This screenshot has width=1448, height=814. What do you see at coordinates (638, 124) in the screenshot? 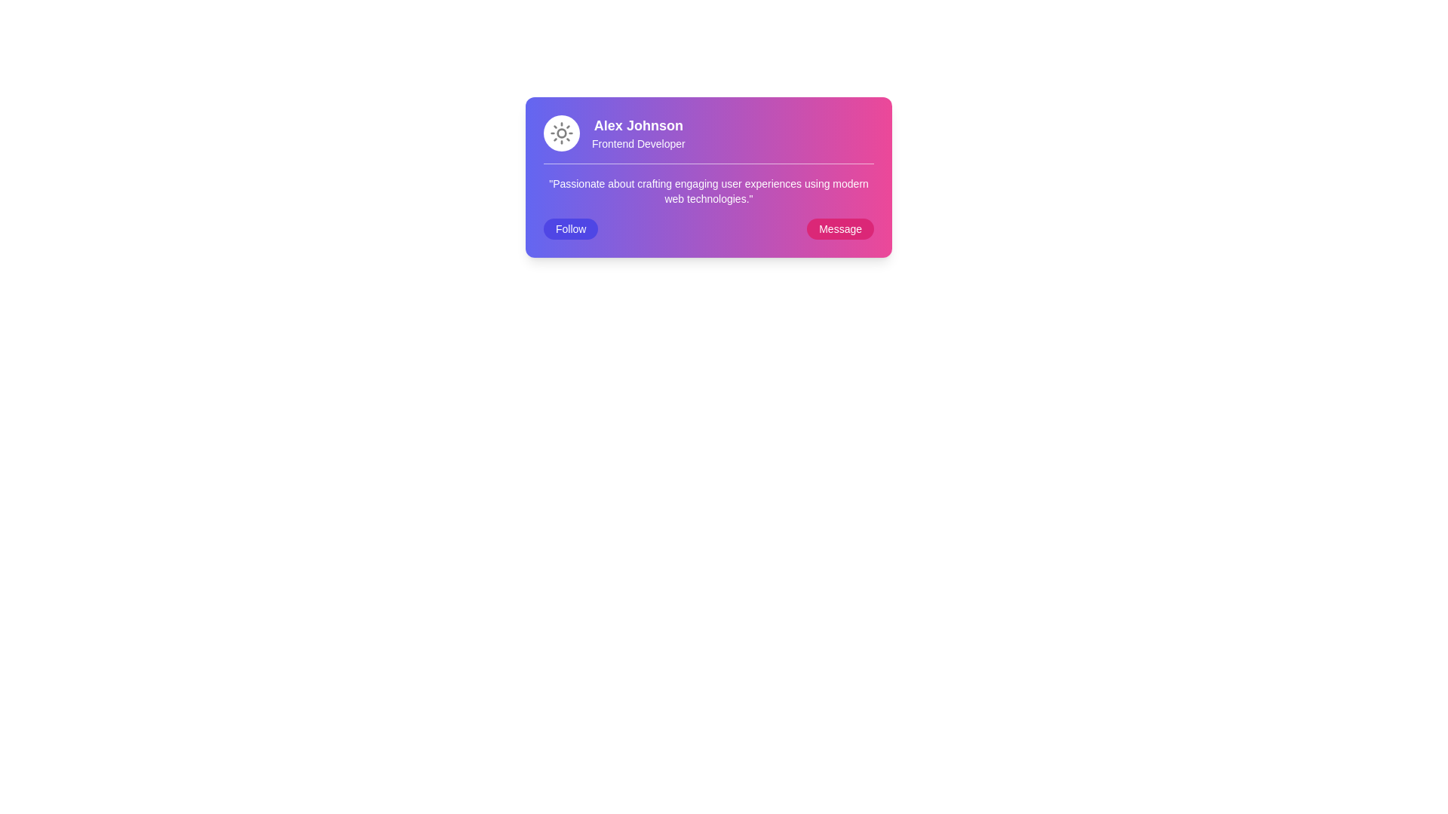
I see `the text label displaying 'Alex Johnson', which is bold and positioned at the top of a card-like component, to the right of a circular icon and above the 'Frontend Developer' text` at bounding box center [638, 124].